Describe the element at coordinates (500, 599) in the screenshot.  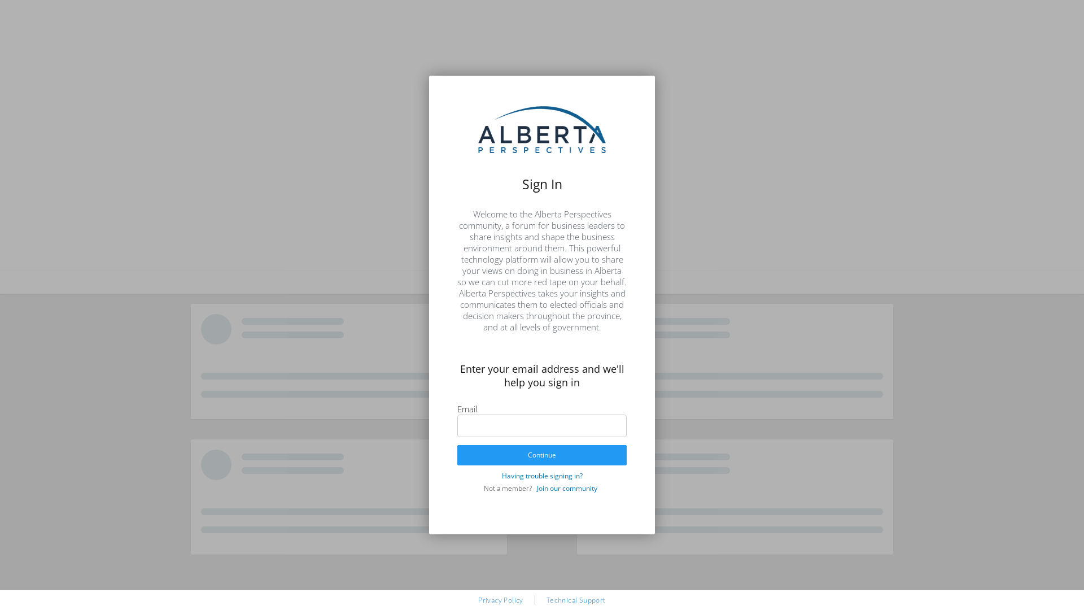
I see `'Privacy Policy'` at that location.